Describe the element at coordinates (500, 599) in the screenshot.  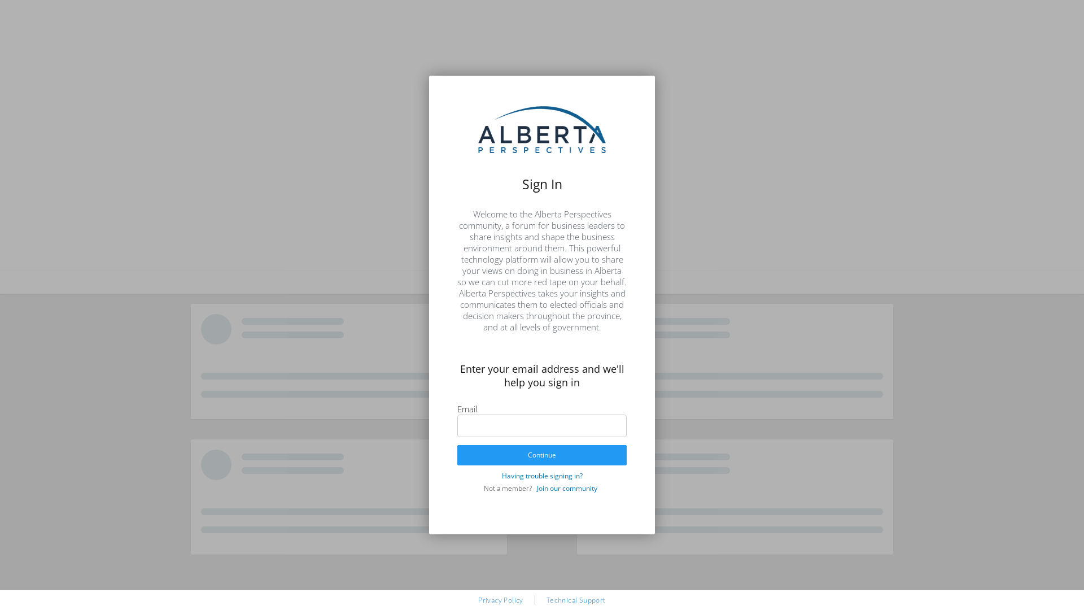
I see `'Privacy Policy'` at that location.